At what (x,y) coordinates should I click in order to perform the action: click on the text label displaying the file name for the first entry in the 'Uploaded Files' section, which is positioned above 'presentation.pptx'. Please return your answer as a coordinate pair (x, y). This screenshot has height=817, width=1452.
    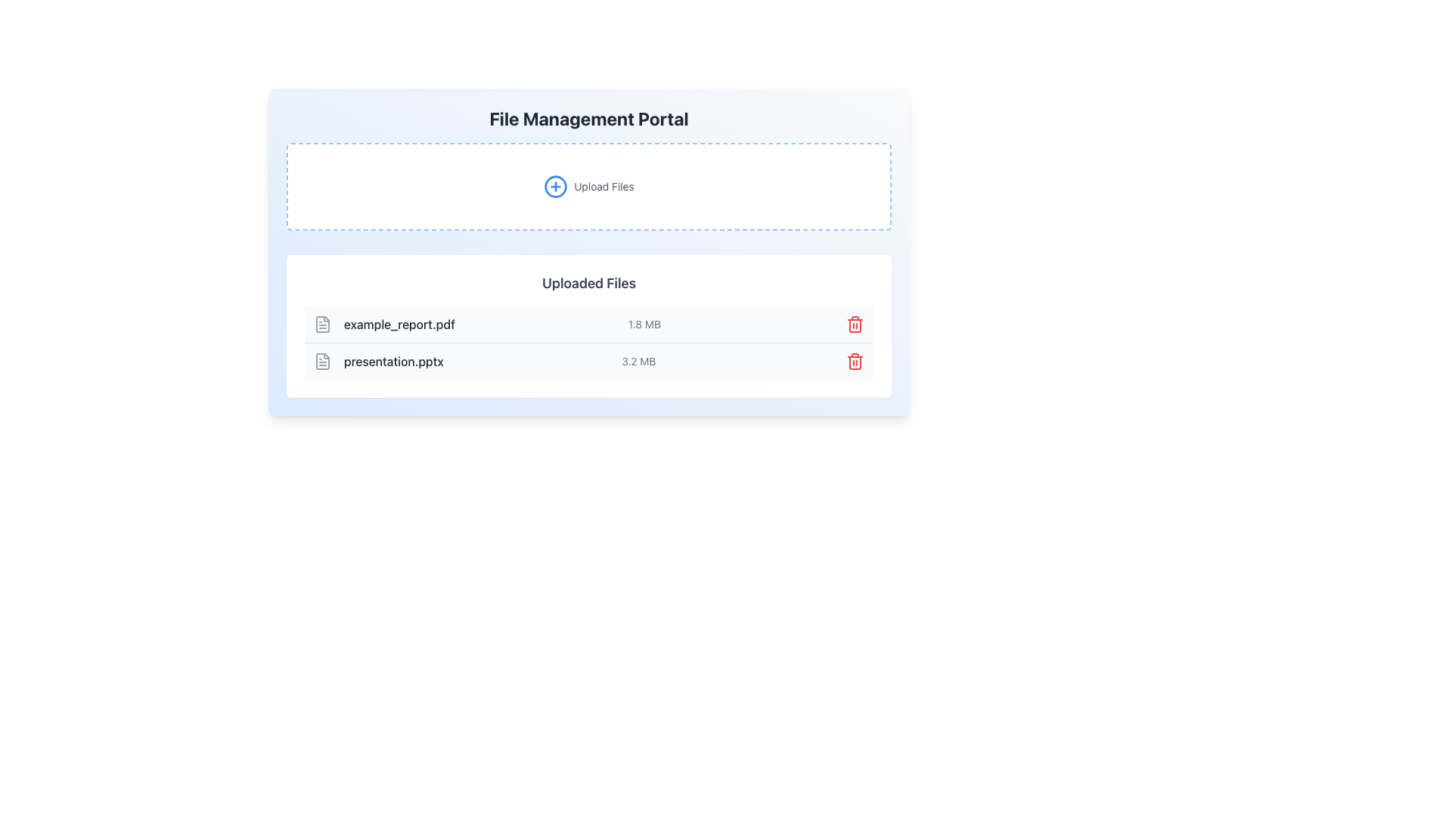
    Looking at the image, I should click on (384, 323).